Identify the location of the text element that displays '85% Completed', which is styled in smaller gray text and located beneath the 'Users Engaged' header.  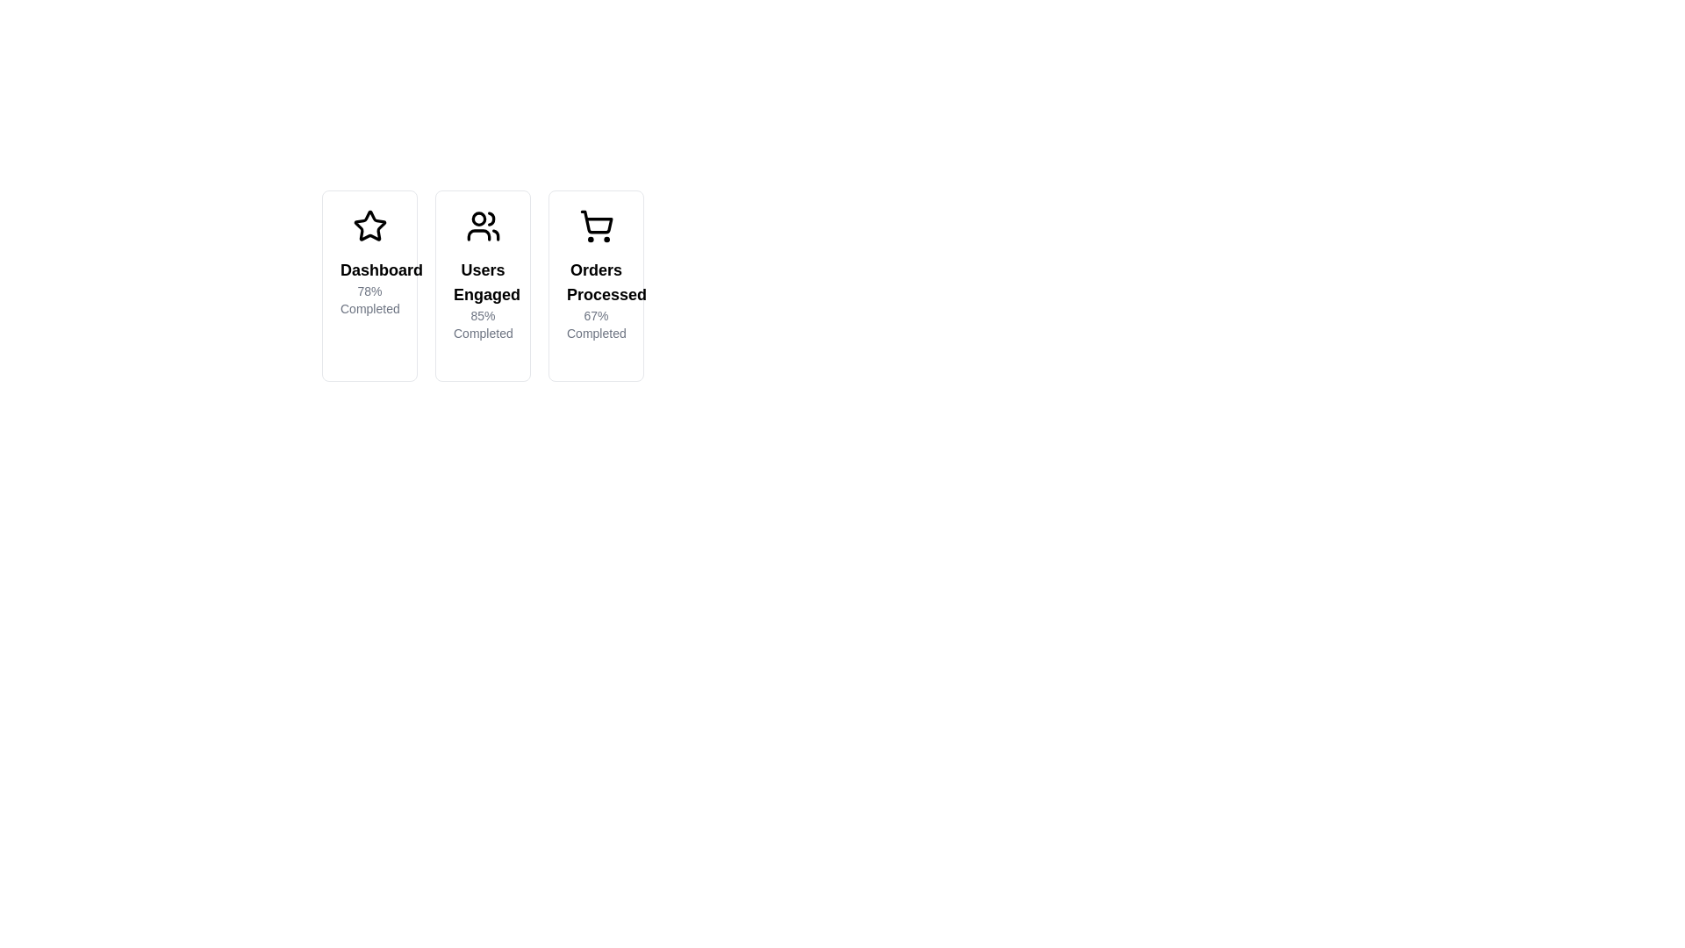
(483, 325).